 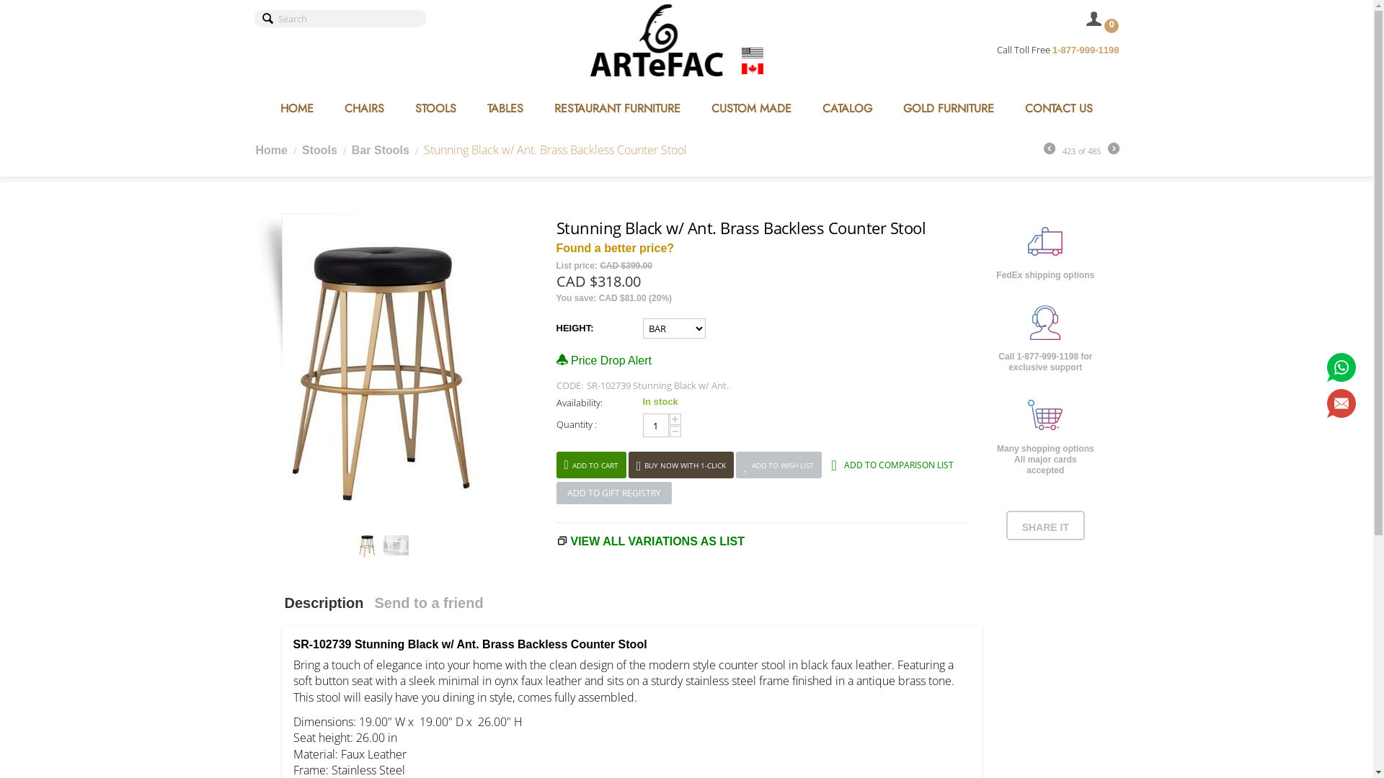 I want to click on 'BUY NOW WITH 1-CLICK', so click(x=680, y=465).